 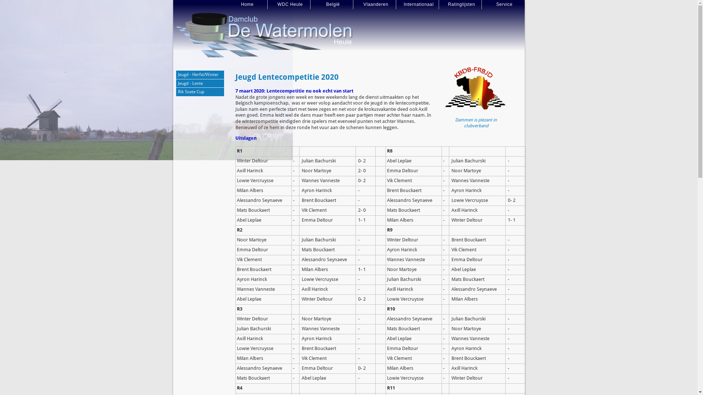 What do you see at coordinates (417, 4) in the screenshot?
I see `'Internationaal'` at bounding box center [417, 4].